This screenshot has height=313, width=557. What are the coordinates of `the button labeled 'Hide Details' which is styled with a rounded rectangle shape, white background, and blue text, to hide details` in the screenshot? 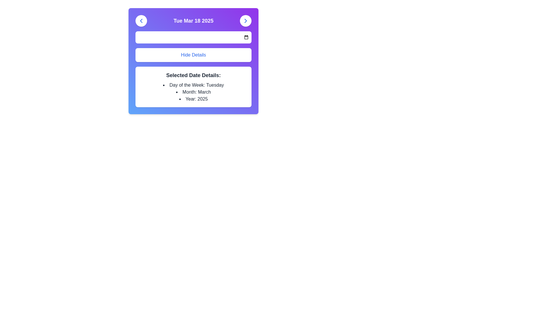 It's located at (193, 55).